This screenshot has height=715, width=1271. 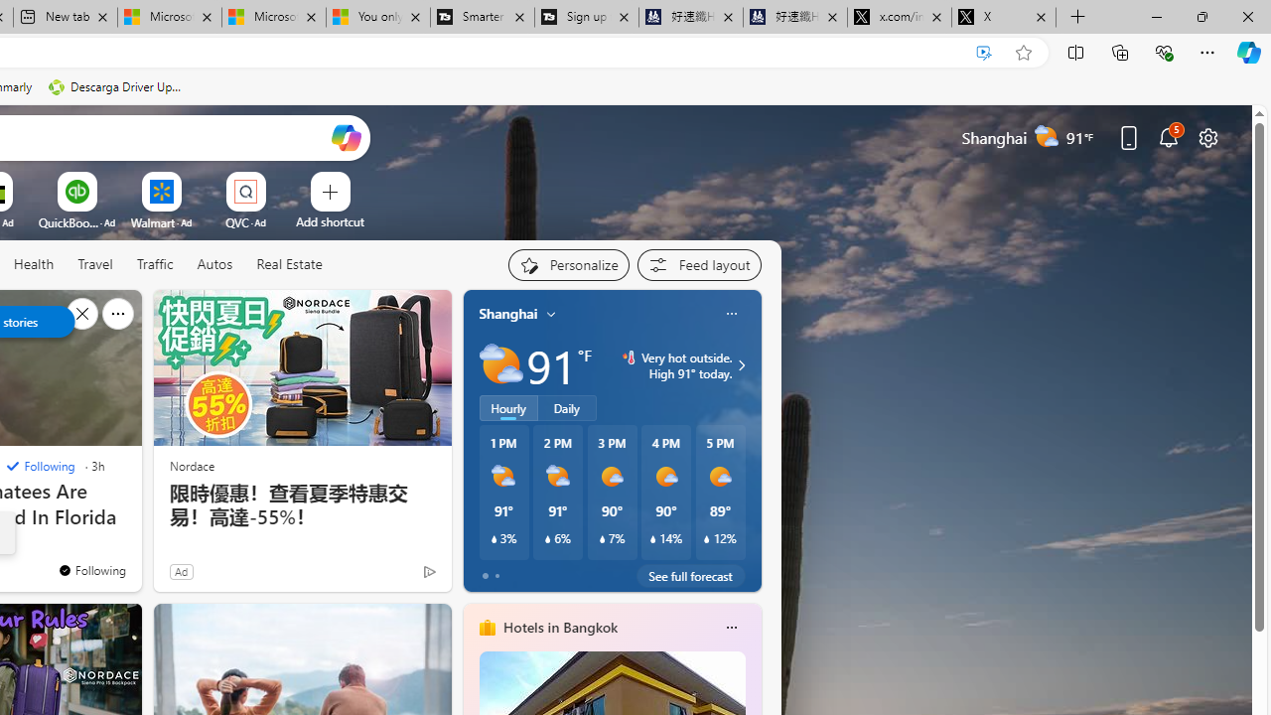 I want to click on 'Descarga Driver Updater', so click(x=116, y=86).